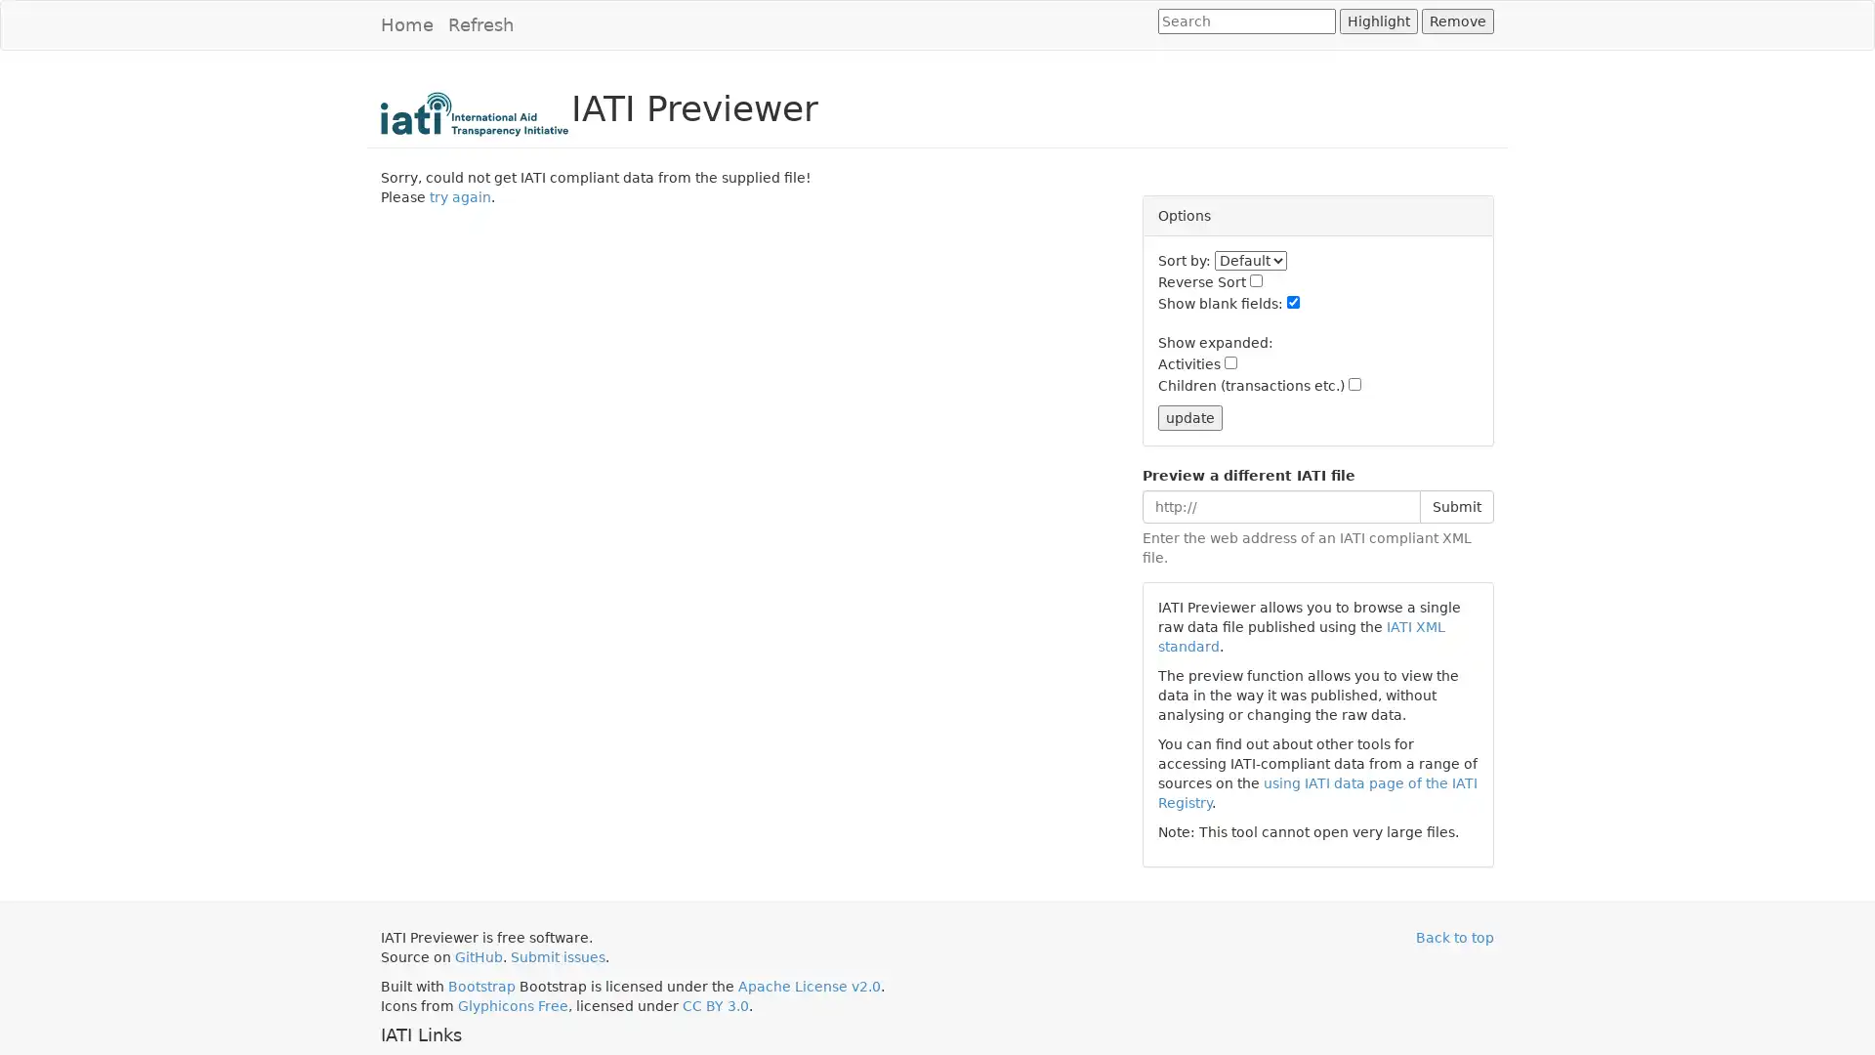 This screenshot has width=1875, height=1055. What do you see at coordinates (1377, 21) in the screenshot?
I see `Highlight` at bounding box center [1377, 21].